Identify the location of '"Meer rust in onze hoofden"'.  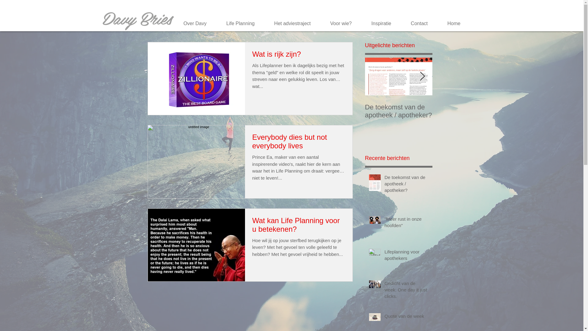
(466, 111).